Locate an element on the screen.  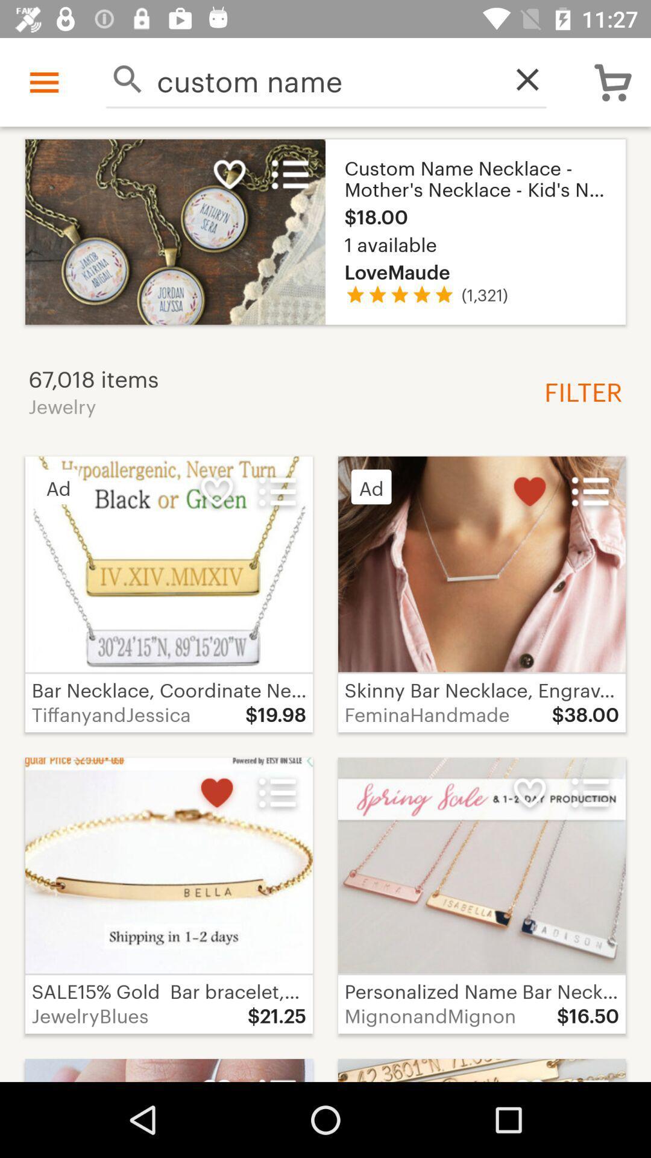
item next to 67,018 items icon is located at coordinates (578, 390).